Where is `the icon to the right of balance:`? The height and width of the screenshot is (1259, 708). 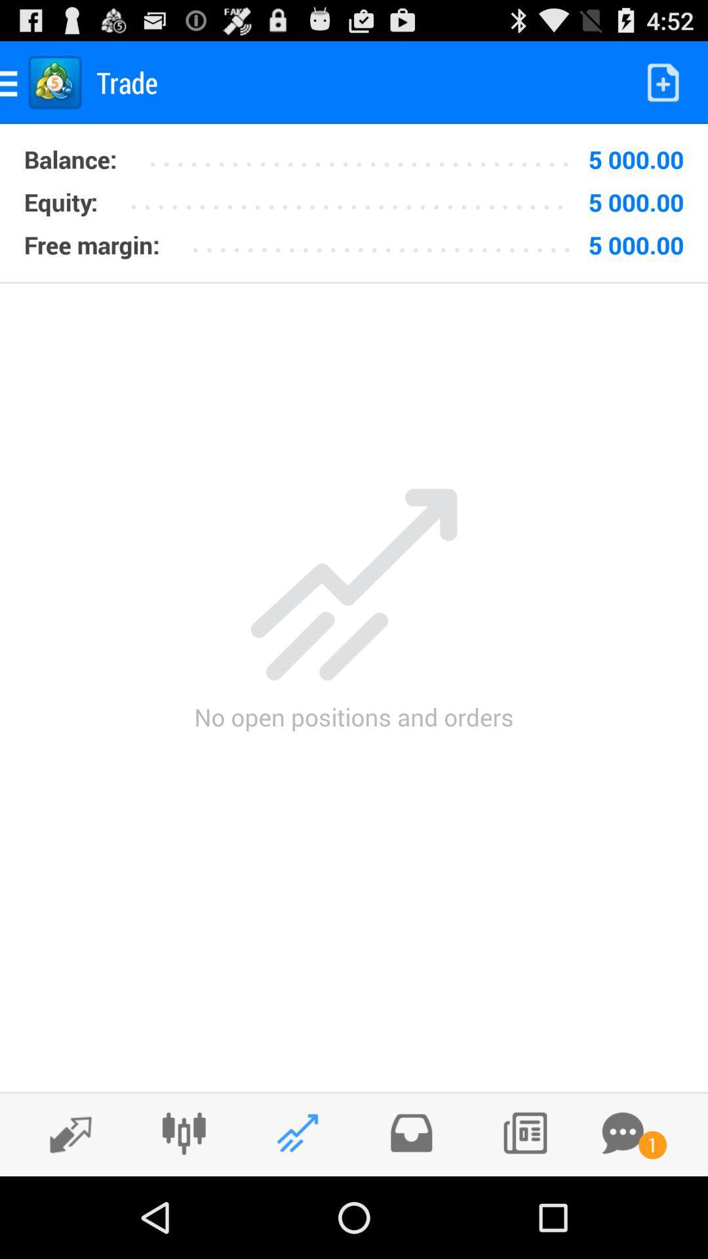 the icon to the right of balance: is located at coordinates (364, 155).